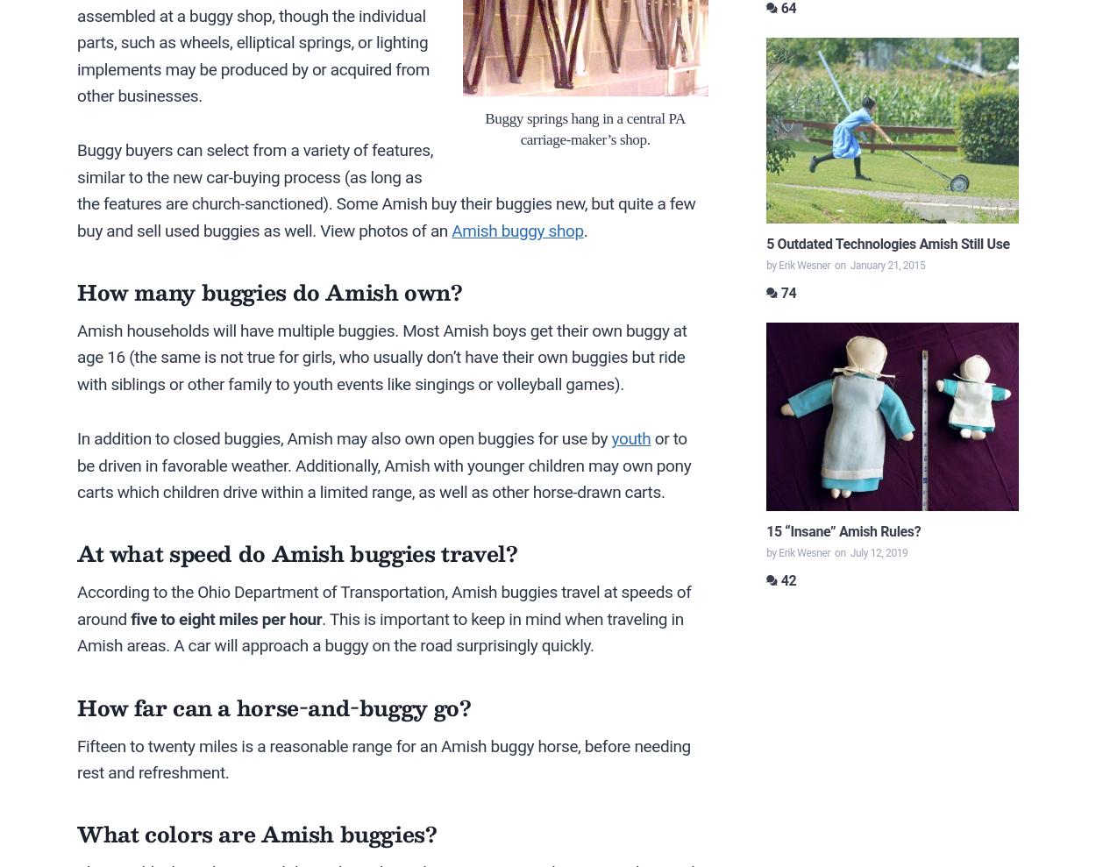 This screenshot has height=867, width=1096. I want to click on 'five to eight miles per hour', so click(226, 617).